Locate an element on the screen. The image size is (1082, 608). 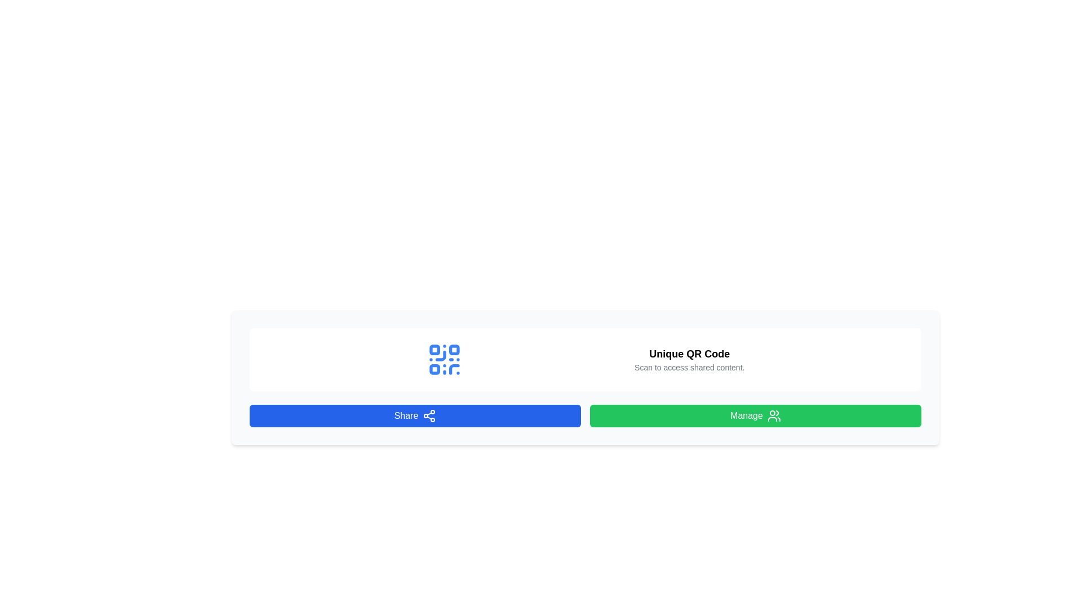
the second small square in the top row of the QR code icon, which is prominently displayed on the left side above the 'Share' and 'Manage' buttons is located at coordinates (454, 349).